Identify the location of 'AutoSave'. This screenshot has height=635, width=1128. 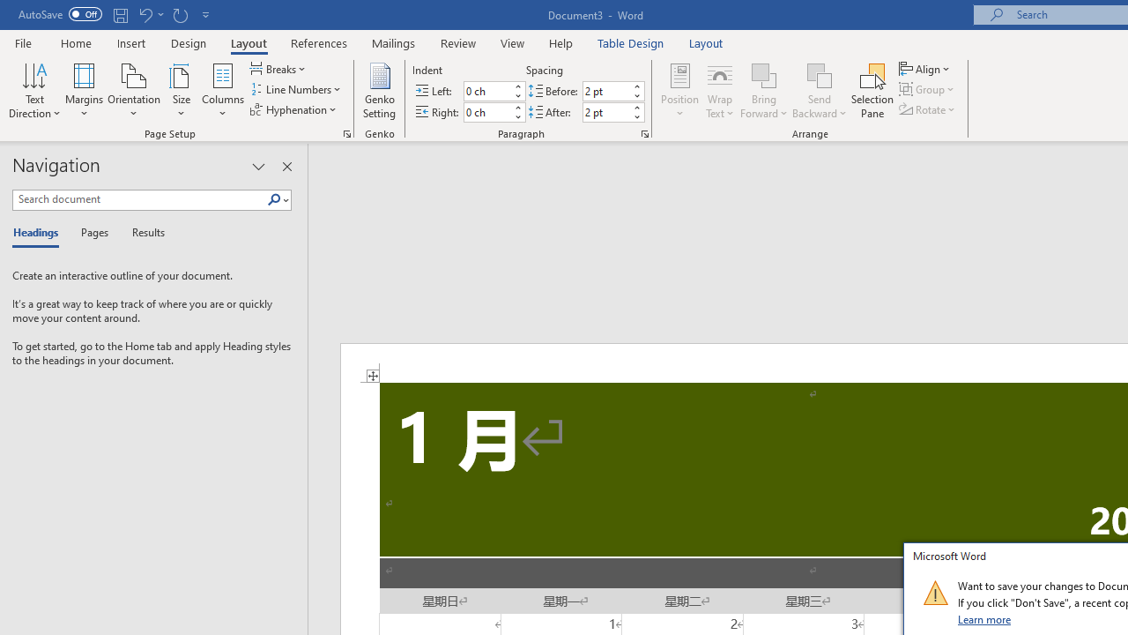
(60, 14).